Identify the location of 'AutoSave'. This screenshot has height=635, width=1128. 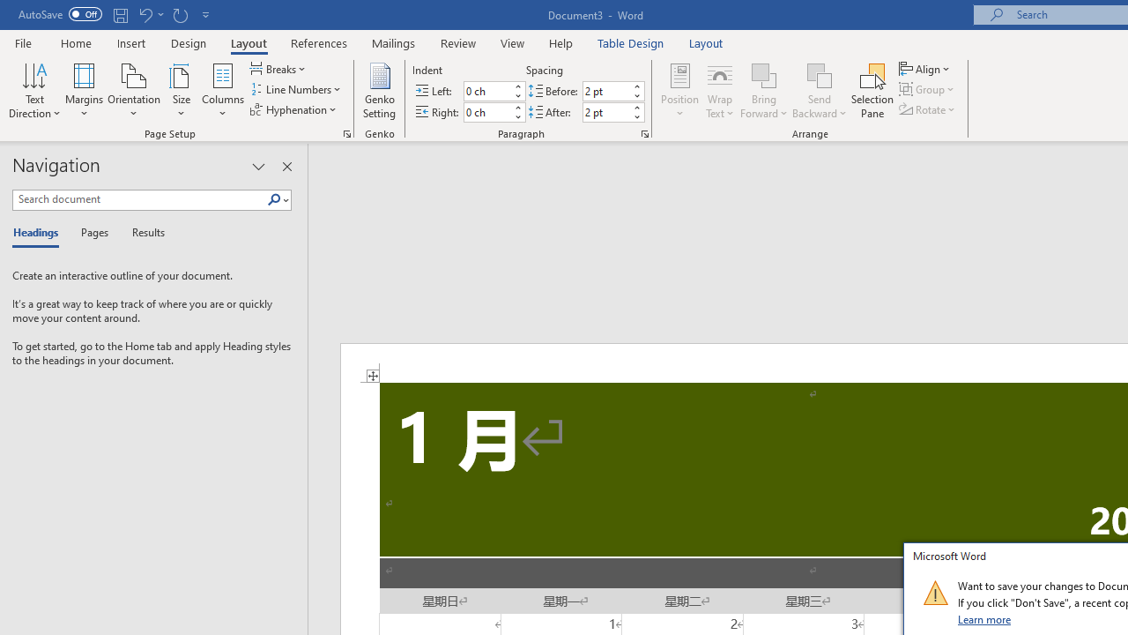
(60, 14).